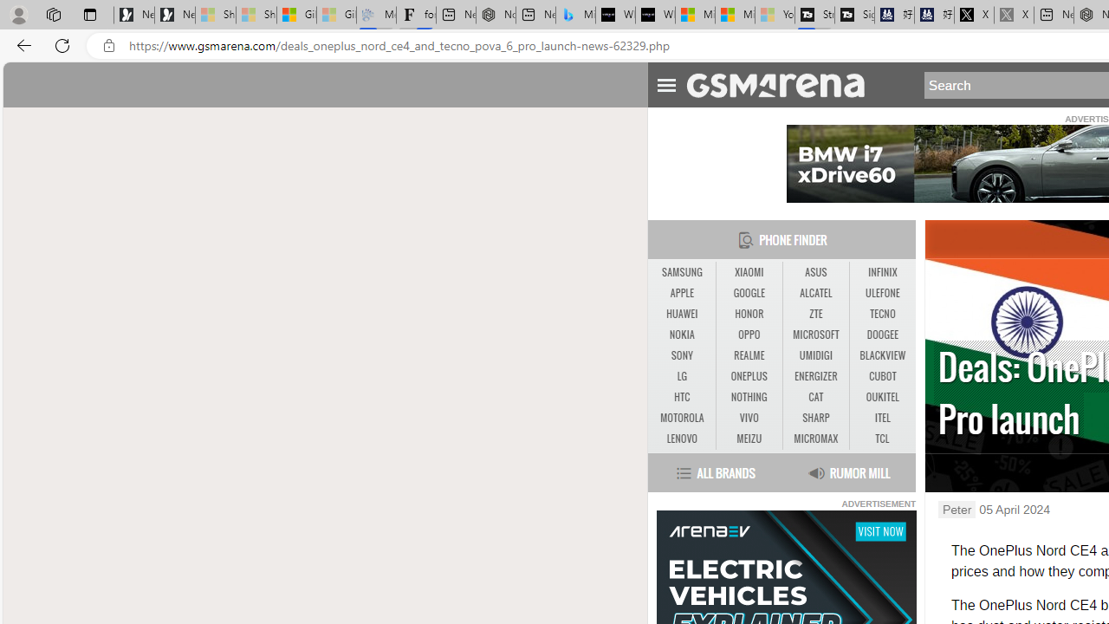 This screenshot has height=624, width=1109. Describe the element at coordinates (681, 418) in the screenshot. I see `'MOTOROLA'` at that location.